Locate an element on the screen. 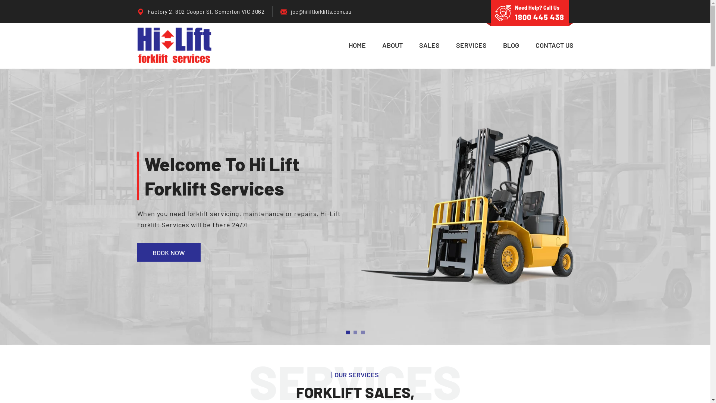  'ABOUT' is located at coordinates (392, 45).